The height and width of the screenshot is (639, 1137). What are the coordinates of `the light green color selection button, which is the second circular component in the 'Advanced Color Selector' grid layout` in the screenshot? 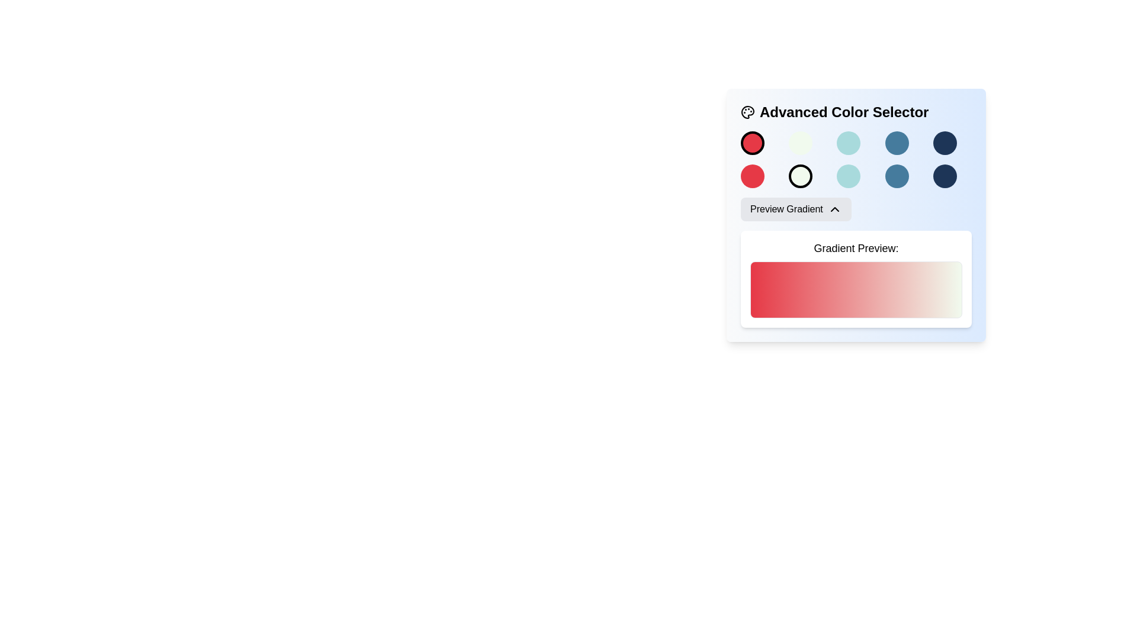 It's located at (801, 176).